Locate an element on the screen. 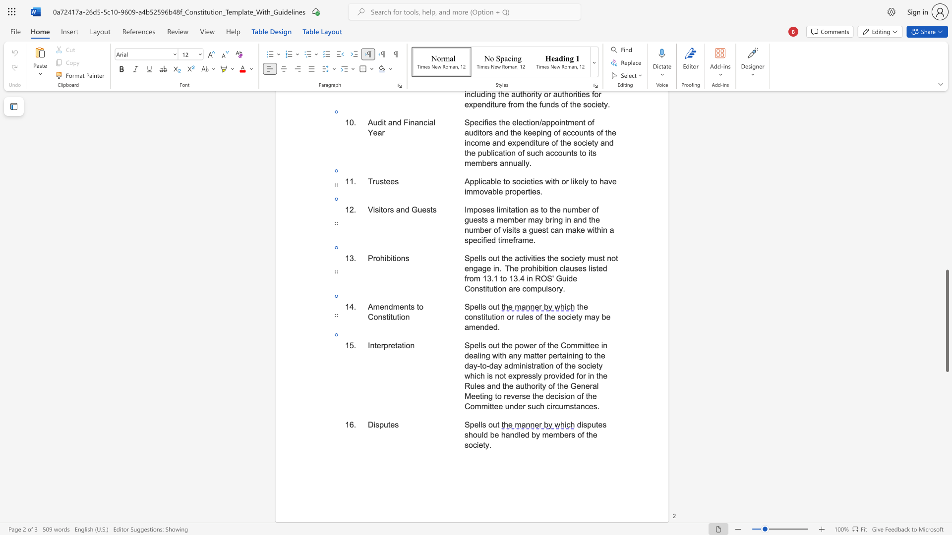  the 1th character "o" in the text is located at coordinates (408, 345).